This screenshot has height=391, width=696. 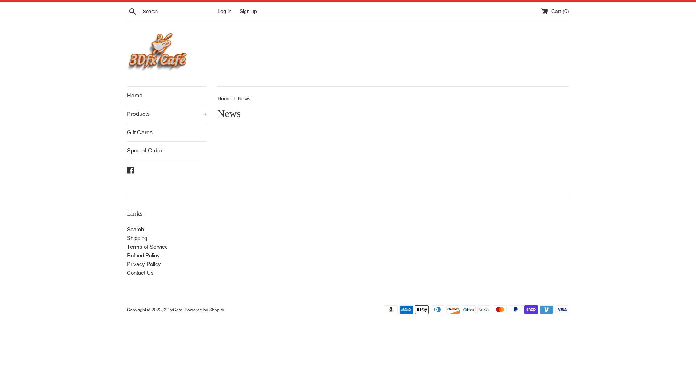 What do you see at coordinates (147, 246) in the screenshot?
I see `'Terms of Service'` at bounding box center [147, 246].